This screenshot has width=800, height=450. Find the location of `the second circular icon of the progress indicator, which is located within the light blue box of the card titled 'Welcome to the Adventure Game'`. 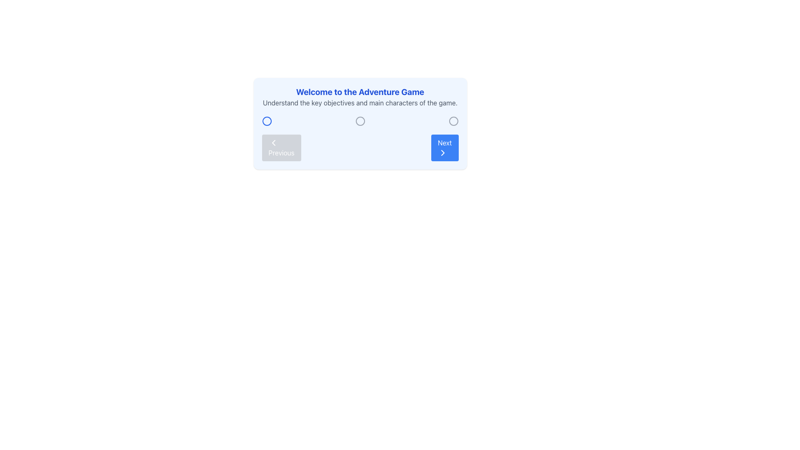

the second circular icon of the progress indicator, which is located within the light blue box of the card titled 'Welcome to the Adventure Game' is located at coordinates (360, 121).